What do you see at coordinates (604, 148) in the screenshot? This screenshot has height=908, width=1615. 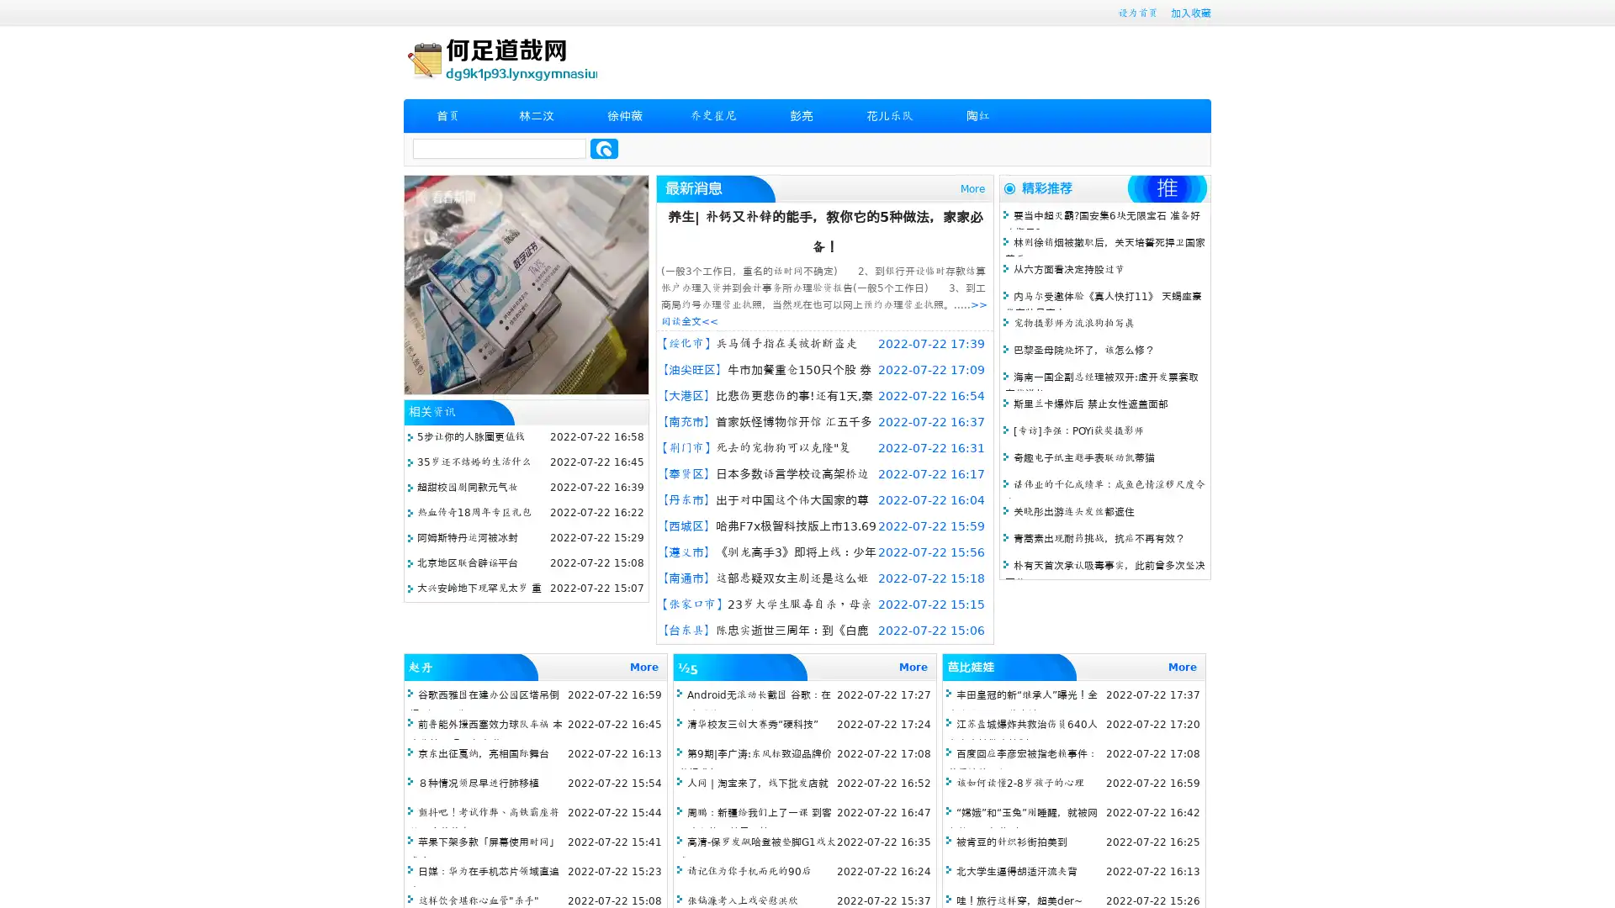 I see `Search` at bounding box center [604, 148].